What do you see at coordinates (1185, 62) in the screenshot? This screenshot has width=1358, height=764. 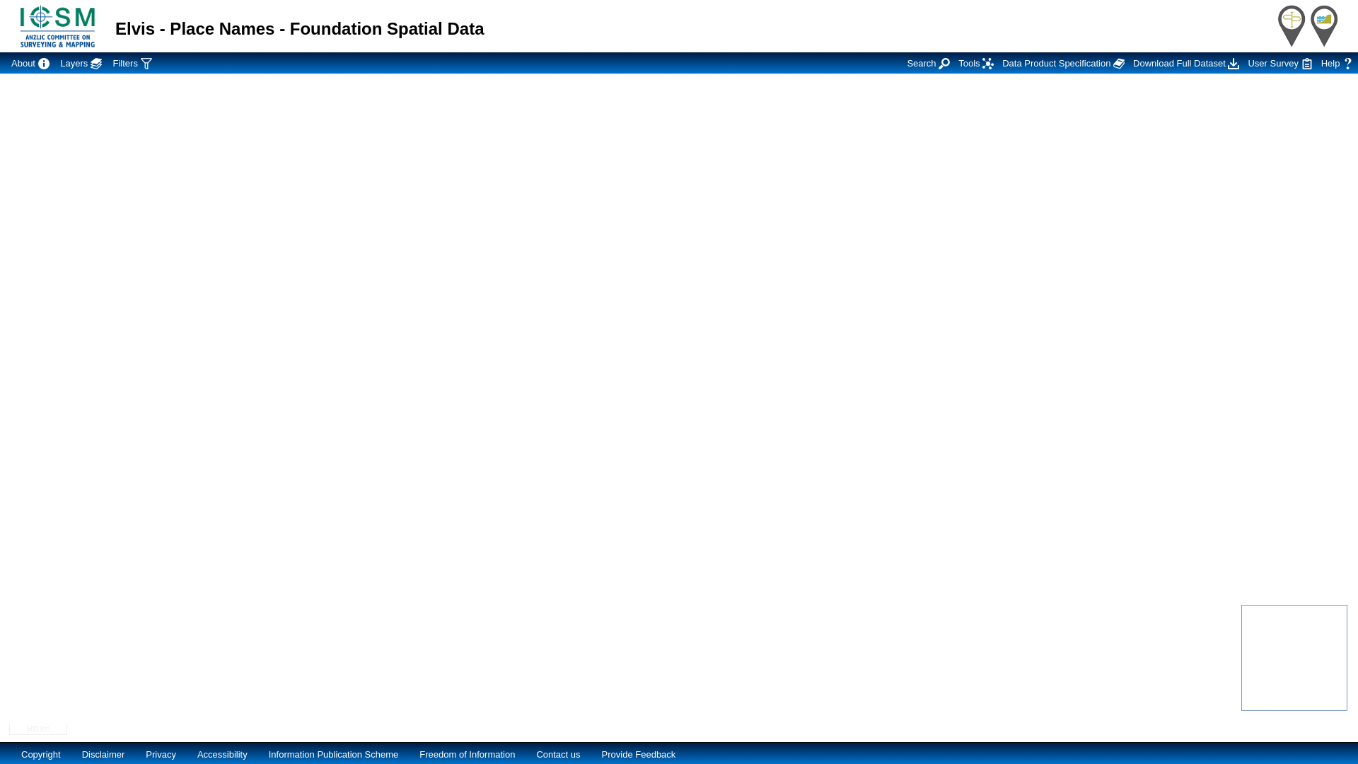 I see `'Download Full Dataset'` at bounding box center [1185, 62].